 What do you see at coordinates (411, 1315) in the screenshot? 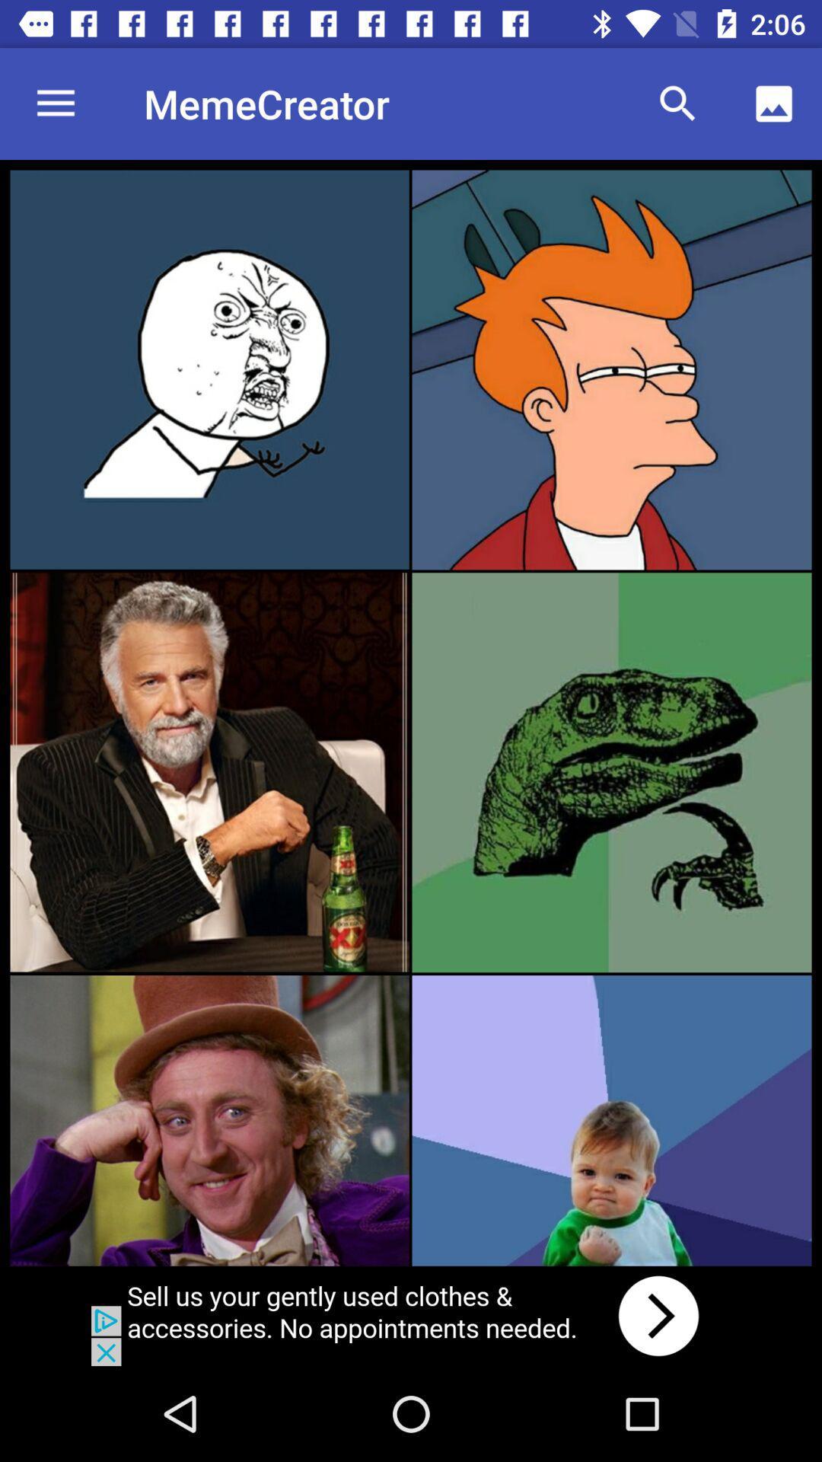
I see `click on advertisement` at bounding box center [411, 1315].